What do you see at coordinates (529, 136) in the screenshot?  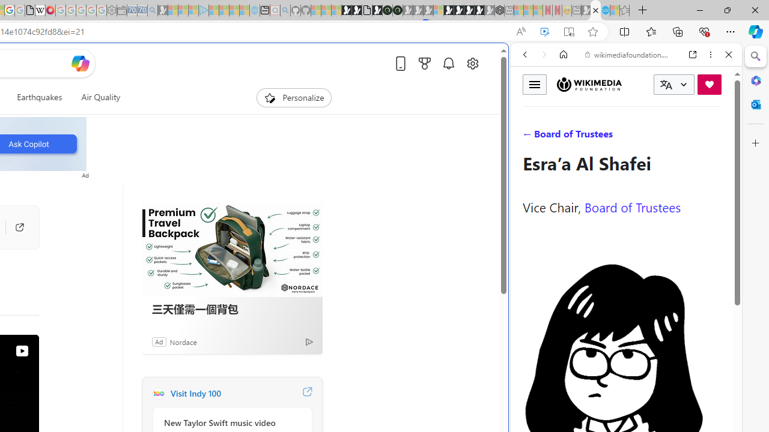 I see `'WEB  '` at bounding box center [529, 136].